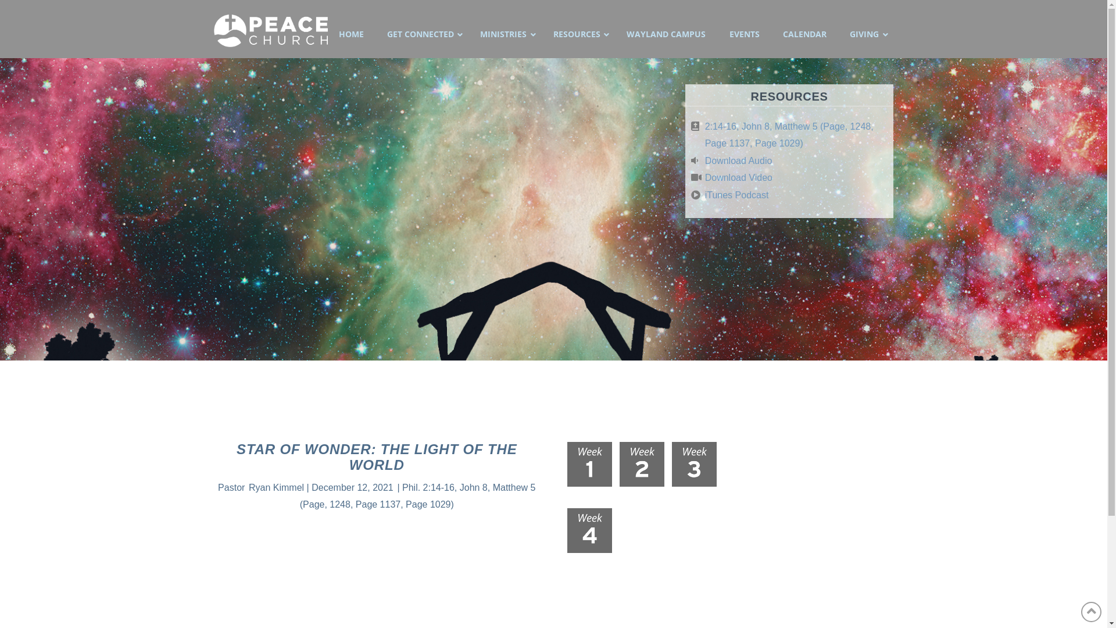 This screenshot has height=628, width=1116. I want to click on 'EVENTS', so click(744, 33).